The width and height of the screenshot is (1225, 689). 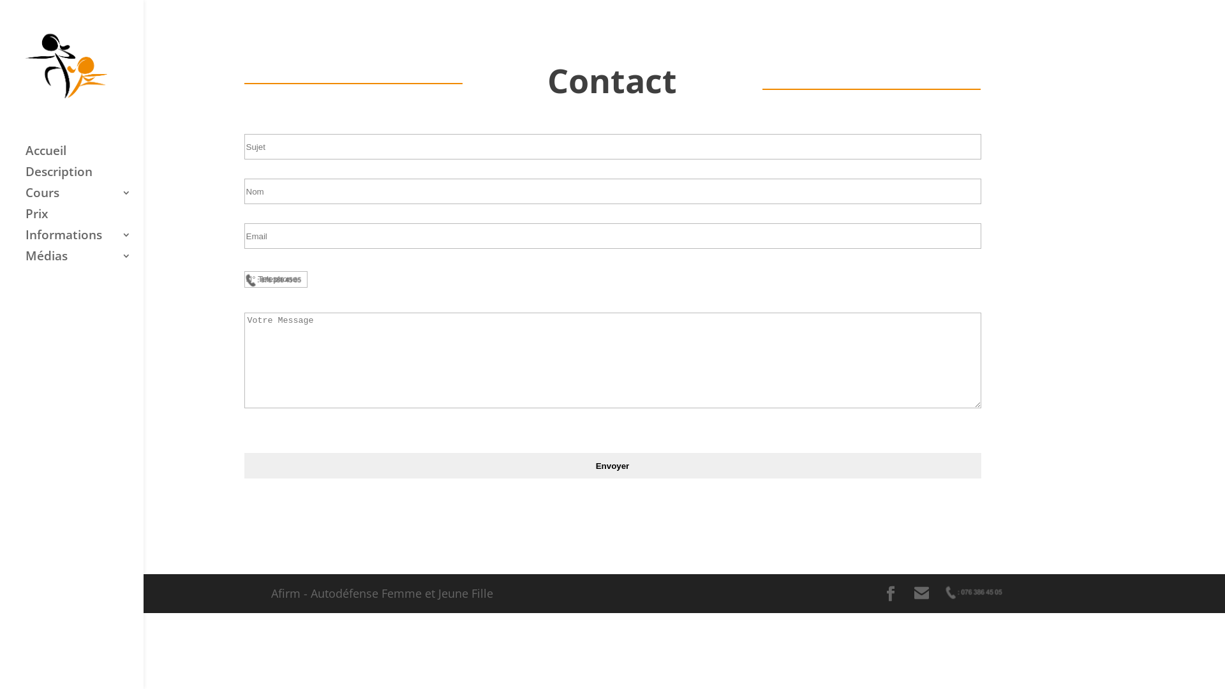 What do you see at coordinates (84, 156) in the screenshot?
I see `'Accueil'` at bounding box center [84, 156].